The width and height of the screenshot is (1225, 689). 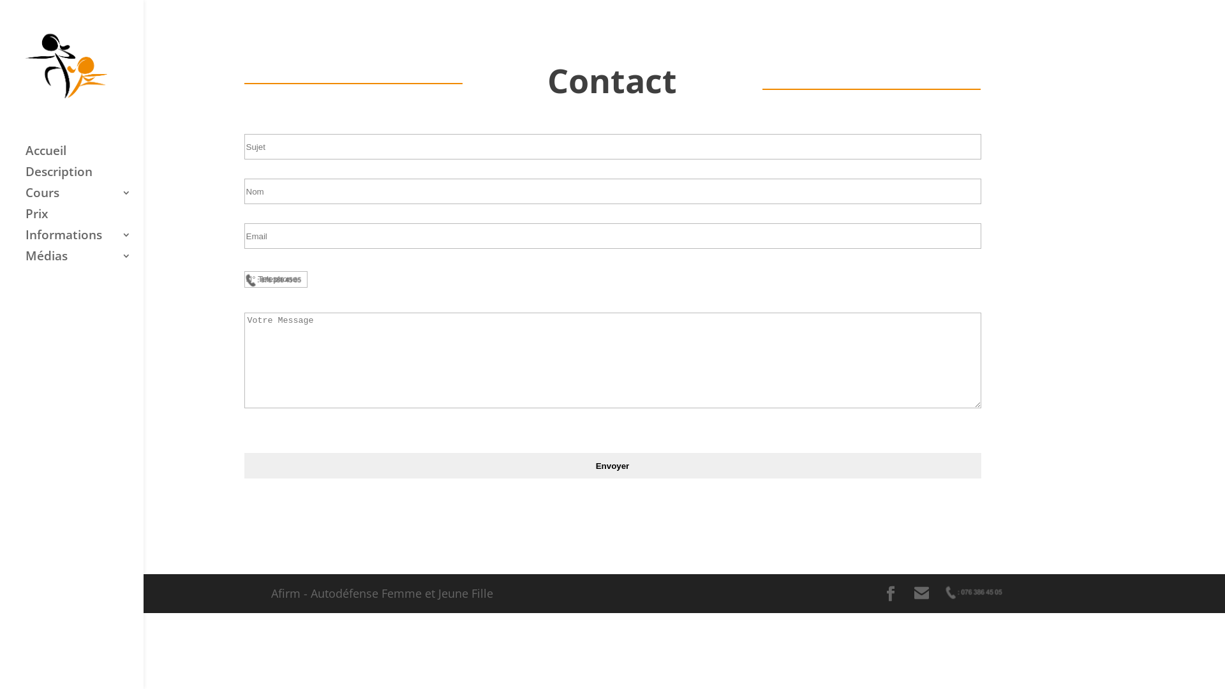 What do you see at coordinates (84, 156) in the screenshot?
I see `'Accueil'` at bounding box center [84, 156].